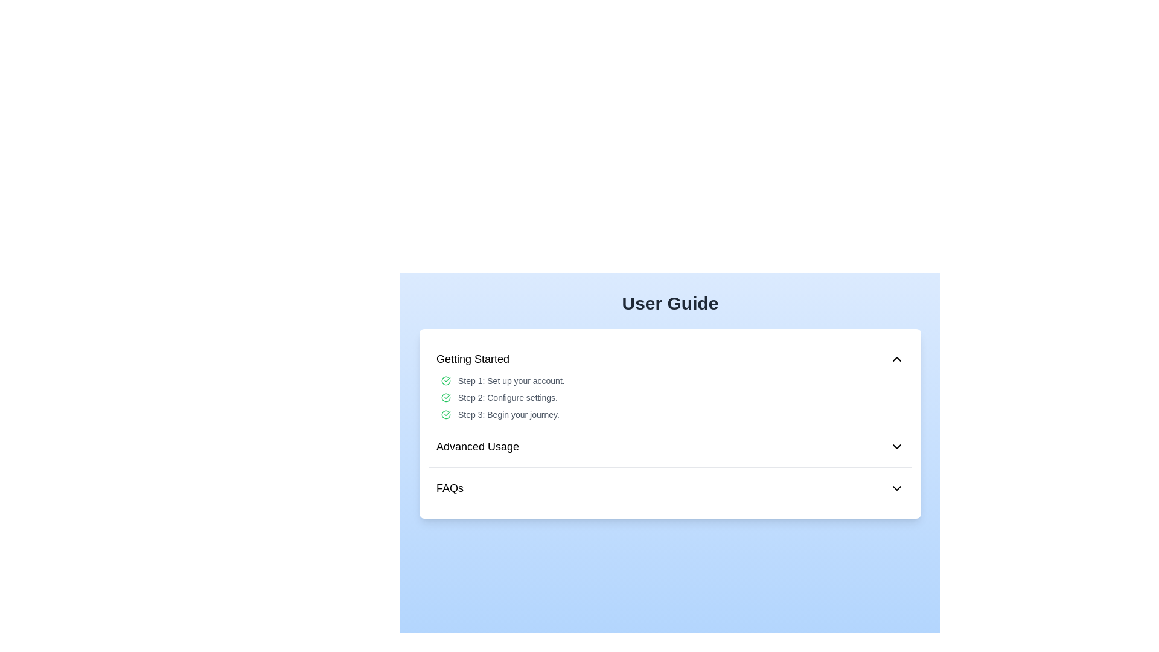 The width and height of the screenshot is (1159, 652). I want to click on the state or color of the completion icon located in the middle-left section of the interface, adjacent to the second step in the 'Getting Started' list, so click(445, 381).